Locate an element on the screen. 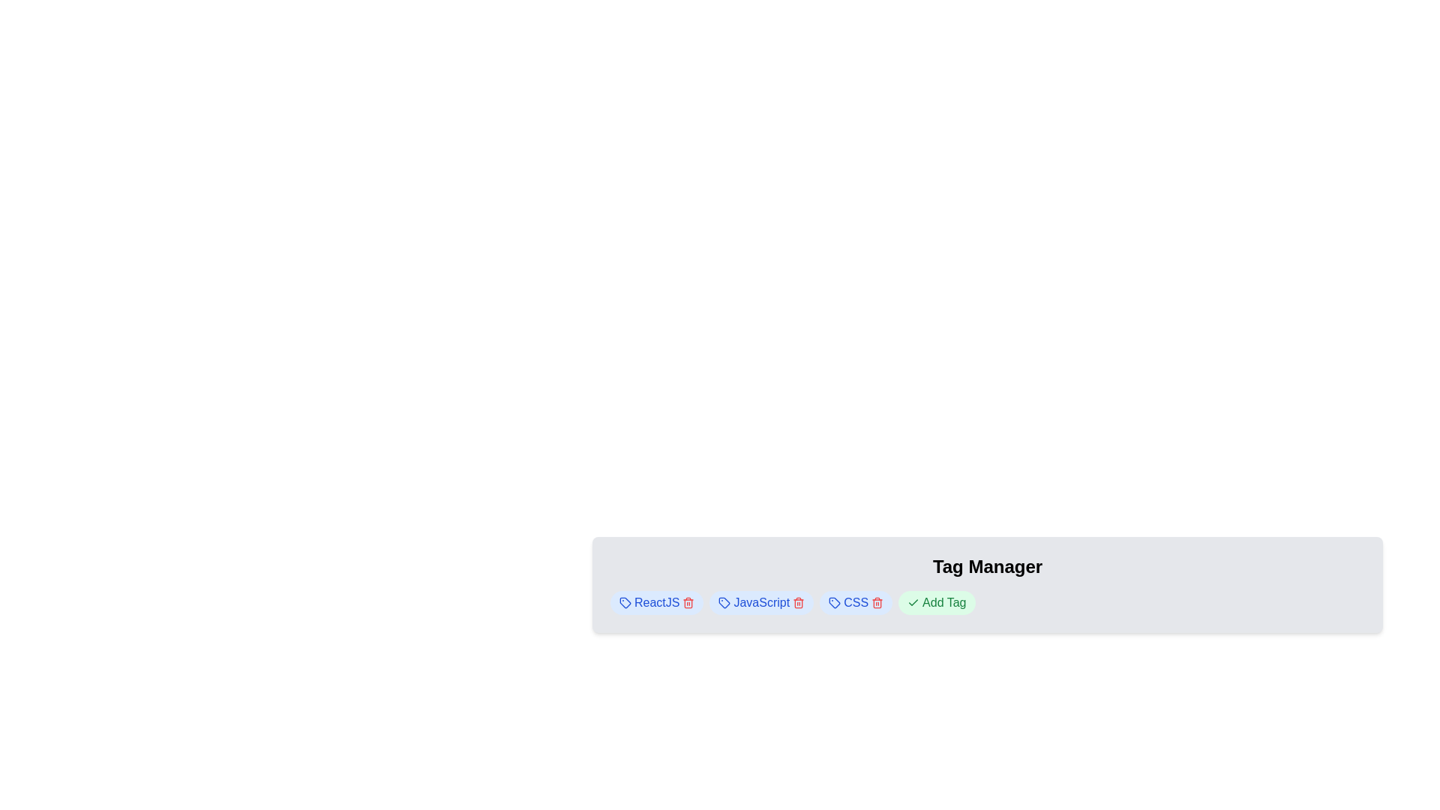 This screenshot has width=1440, height=810. the tag representing 'JavaScript', which is the second tag in a horizontal row adjacent to 'ReactJS' and 'CSS' is located at coordinates (761, 601).